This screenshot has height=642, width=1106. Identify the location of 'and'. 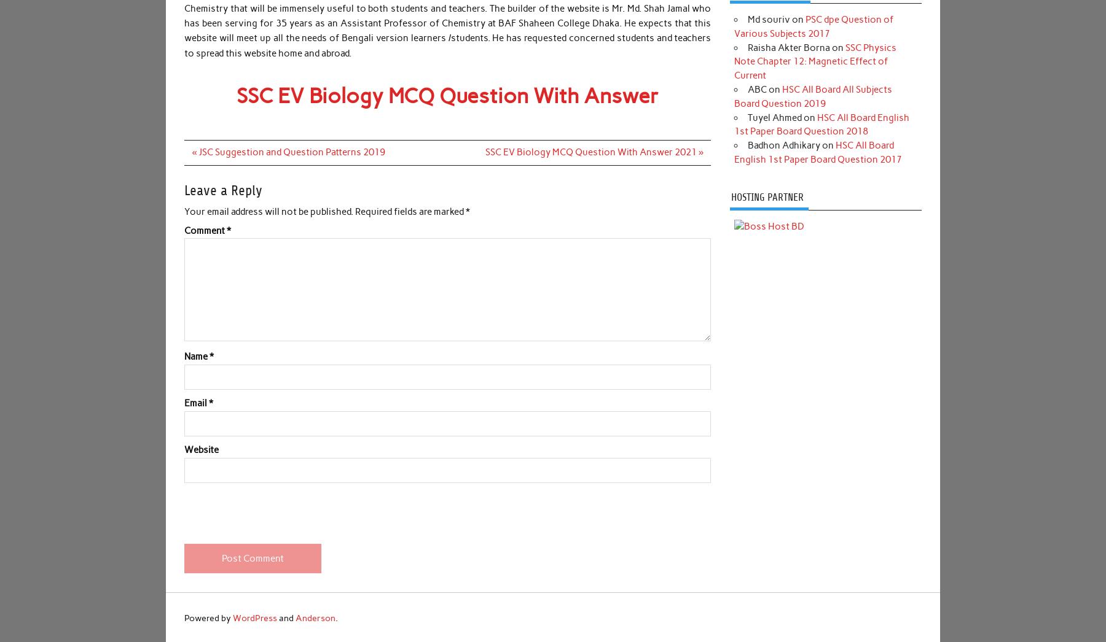
(286, 617).